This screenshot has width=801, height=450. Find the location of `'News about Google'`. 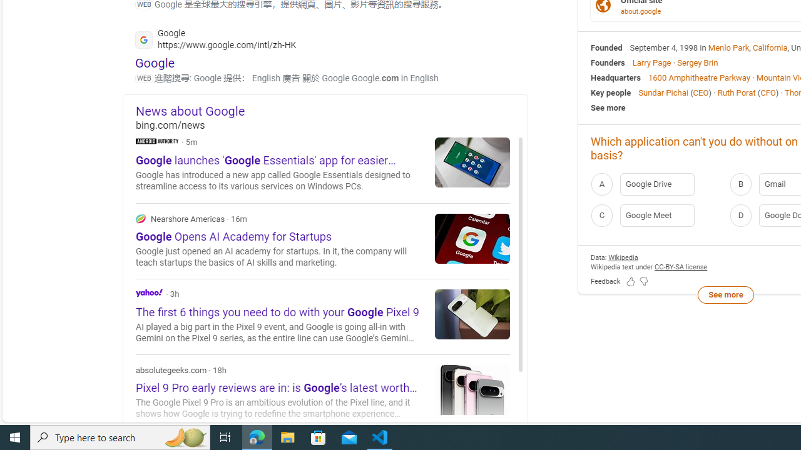

'News about Google' is located at coordinates (332, 110).